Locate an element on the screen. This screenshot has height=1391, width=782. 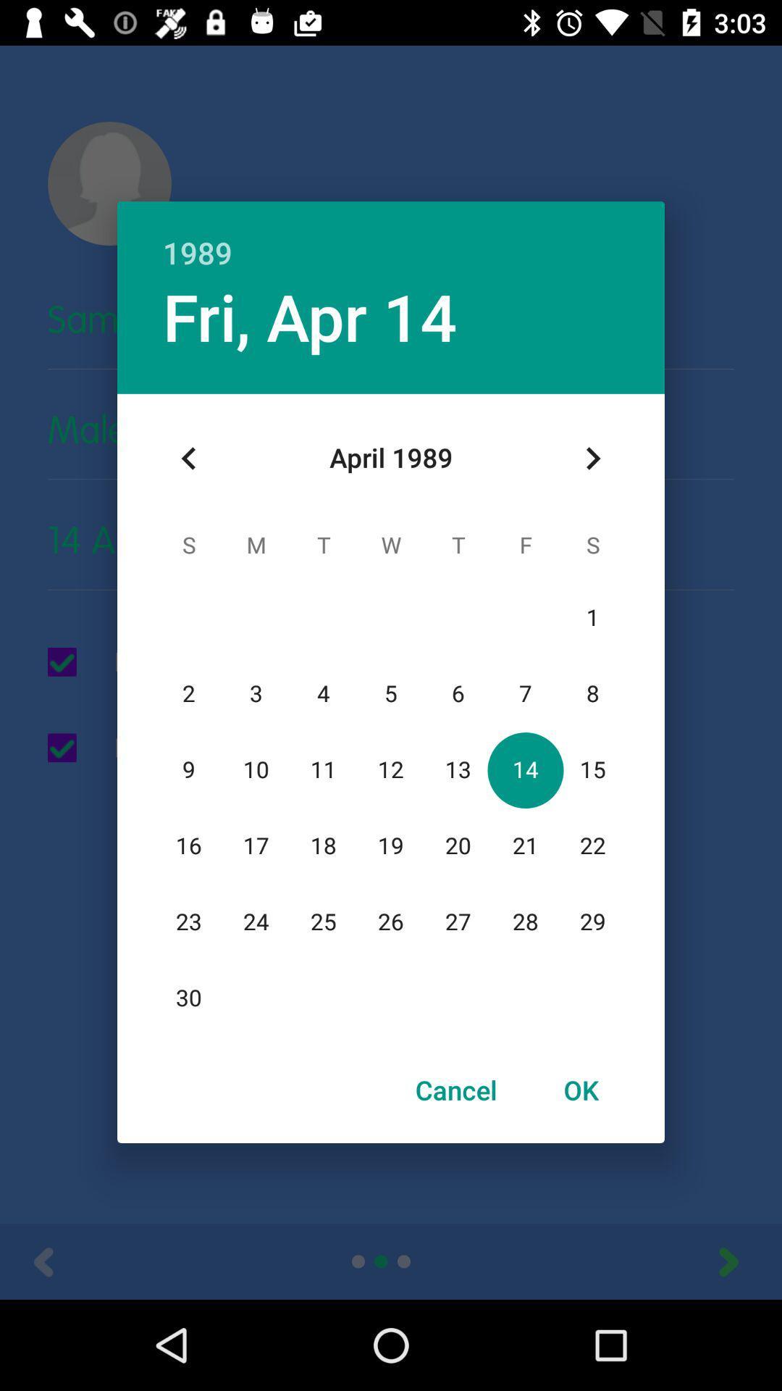
cancel is located at coordinates (456, 1090).